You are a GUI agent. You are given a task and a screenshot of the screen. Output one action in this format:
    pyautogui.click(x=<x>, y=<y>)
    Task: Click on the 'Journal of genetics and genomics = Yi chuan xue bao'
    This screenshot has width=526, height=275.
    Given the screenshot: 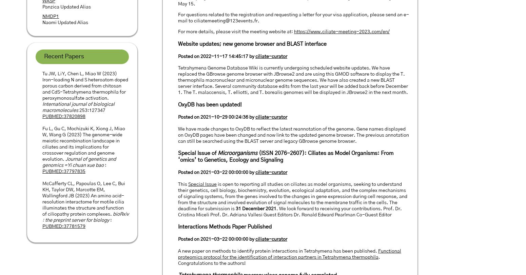 What is the action you would take?
    pyautogui.click(x=79, y=162)
    